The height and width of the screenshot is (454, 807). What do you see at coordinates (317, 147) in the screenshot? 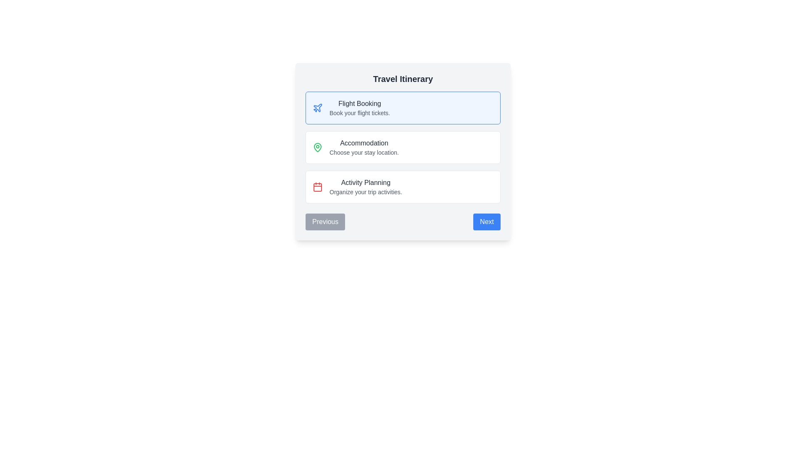
I see `the icon representing the context of selecting a location or accommodation, located in the 'Accommodation' panel under 'Choose your stay location.'` at bounding box center [317, 147].